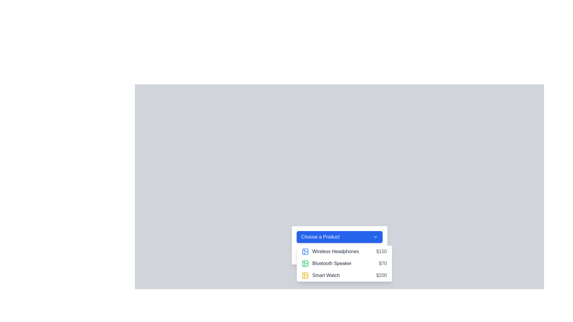  Describe the element at coordinates (381, 252) in the screenshot. I see `the static text label displaying the price '$150', which is aligned to the far right of the 'Wireless Headphones' item listing` at that location.